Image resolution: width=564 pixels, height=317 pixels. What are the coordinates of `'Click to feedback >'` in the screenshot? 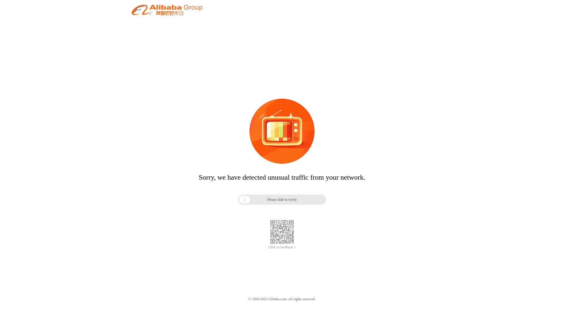 It's located at (282, 247).